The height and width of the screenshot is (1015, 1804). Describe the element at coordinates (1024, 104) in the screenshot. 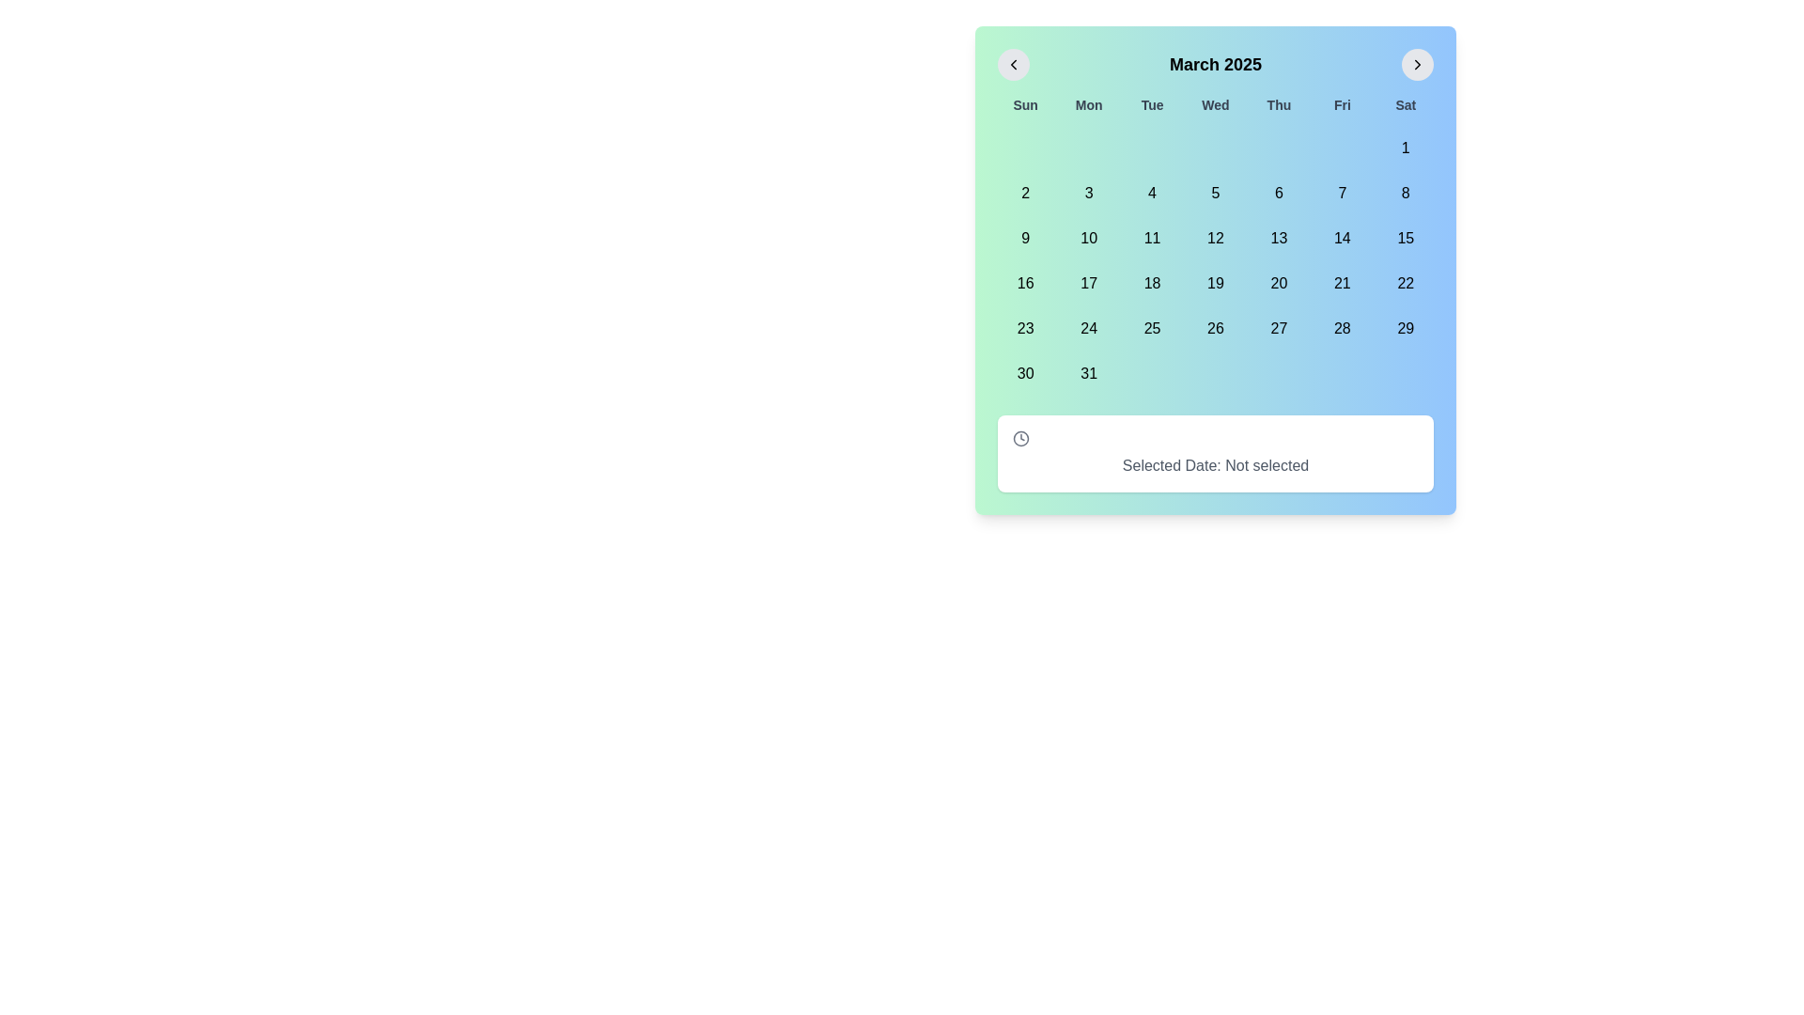

I see `the text label displaying 'Sun', which is the first label in a row of days of the week, styled in bold and dark gray` at that location.